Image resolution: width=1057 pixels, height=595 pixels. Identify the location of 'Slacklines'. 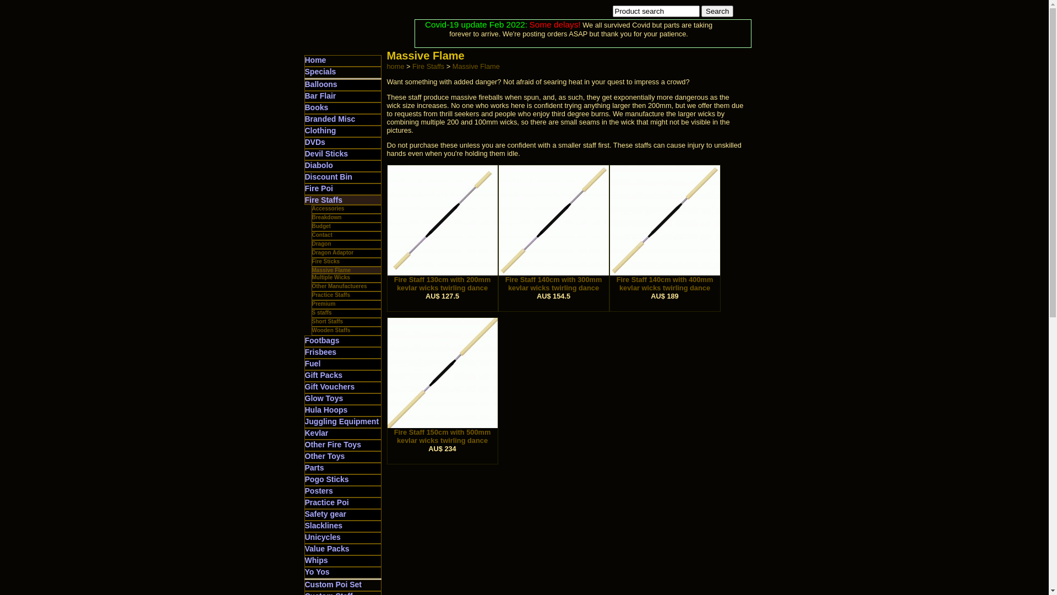
(304, 524).